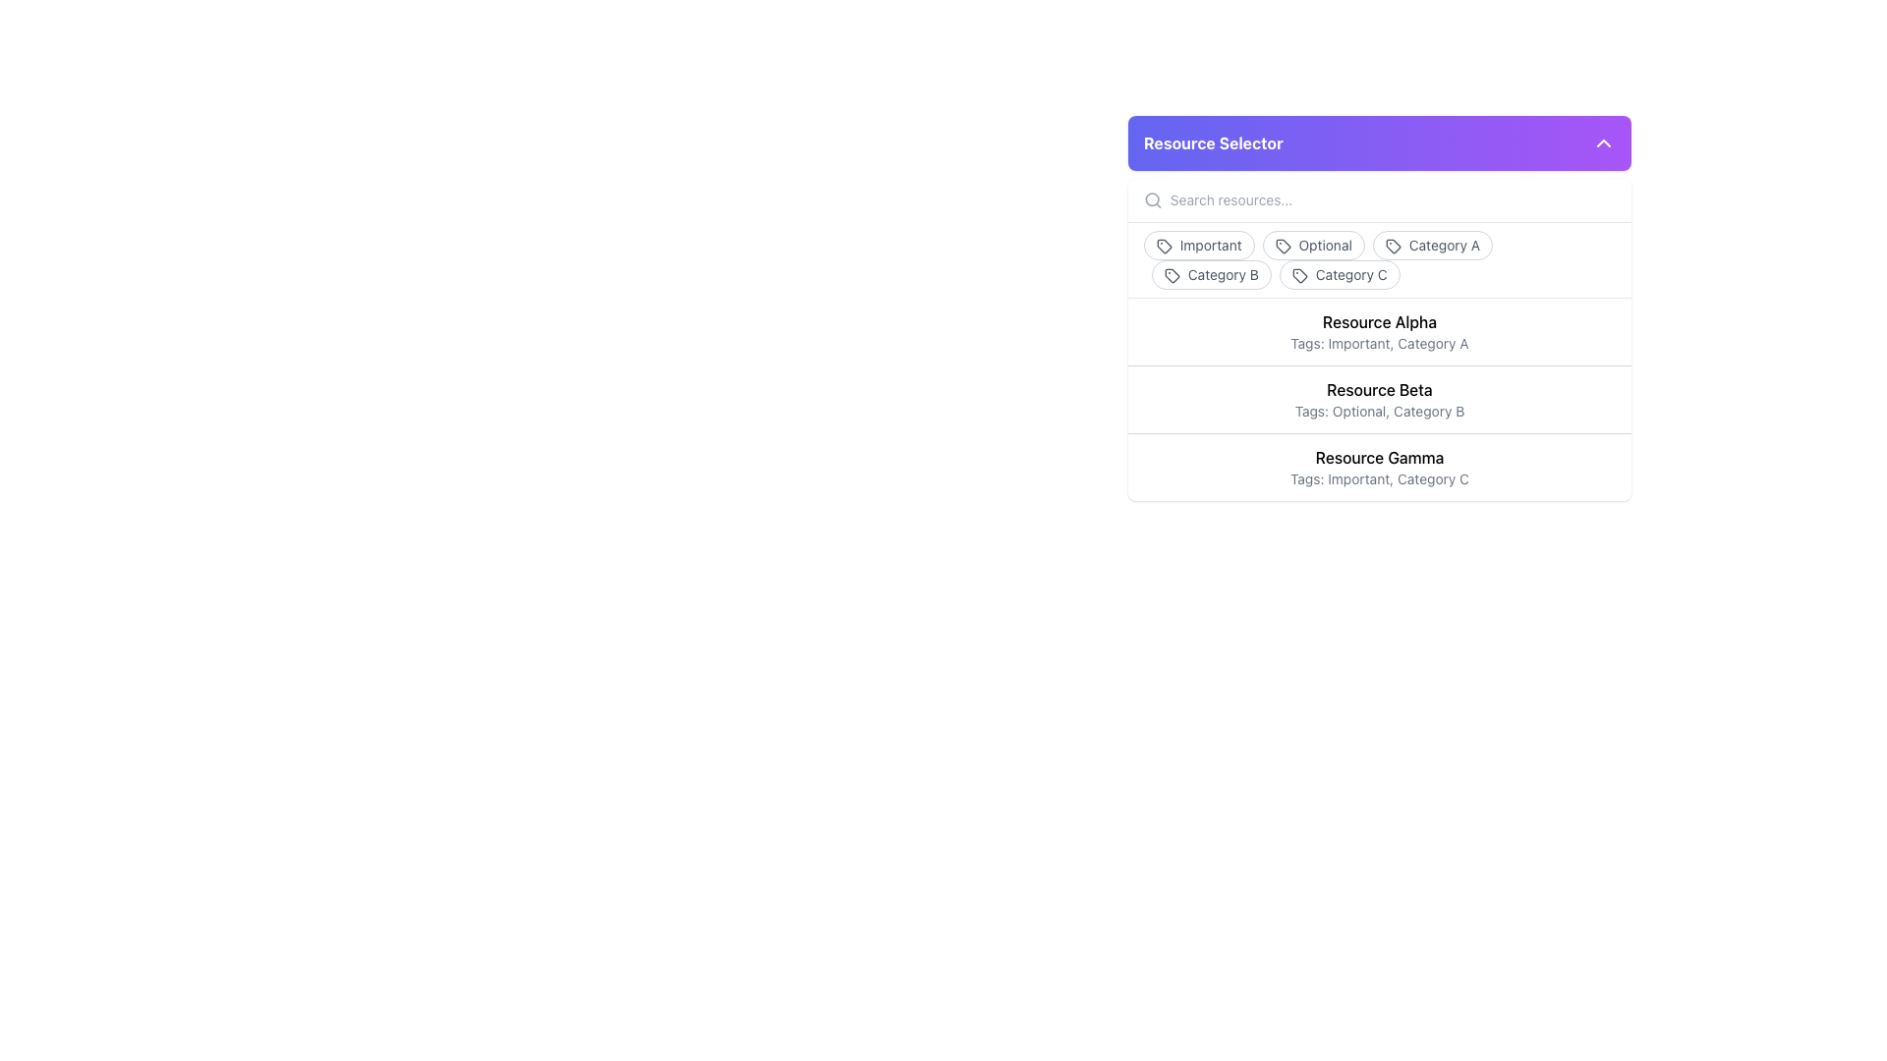 Image resolution: width=1887 pixels, height=1061 pixels. Describe the element at coordinates (1378, 390) in the screenshot. I see `text label 'Resource Beta' which is positioned between 'Resource Alpha' and 'Tags: Optional, Category B' in the resource selection interface` at that location.